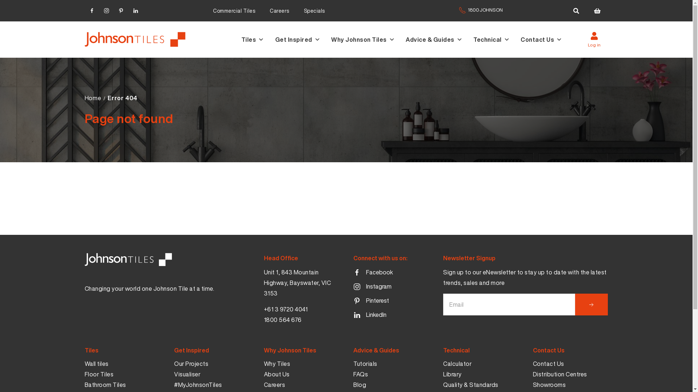 Image resolution: width=698 pixels, height=392 pixels. Describe the element at coordinates (274, 39) in the screenshot. I see `'Get Inspired'` at that location.